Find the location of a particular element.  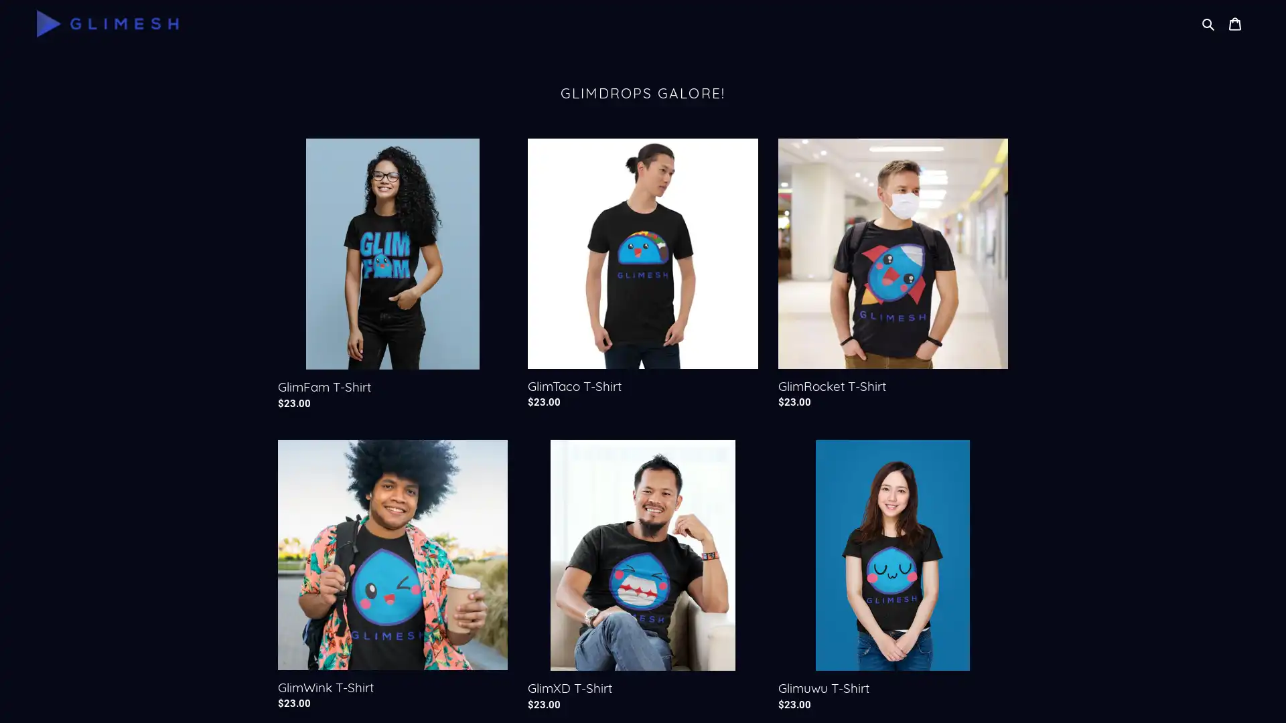

Search is located at coordinates (1209, 23).